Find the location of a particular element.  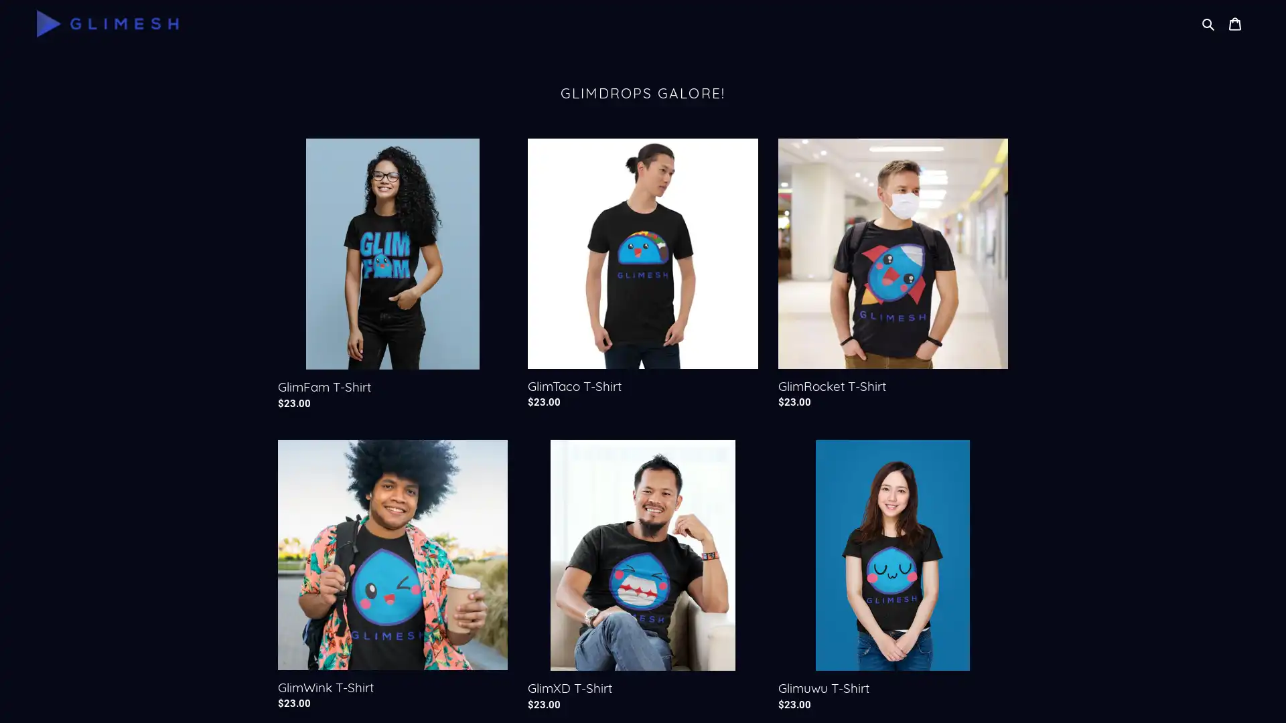

Search is located at coordinates (1209, 23).